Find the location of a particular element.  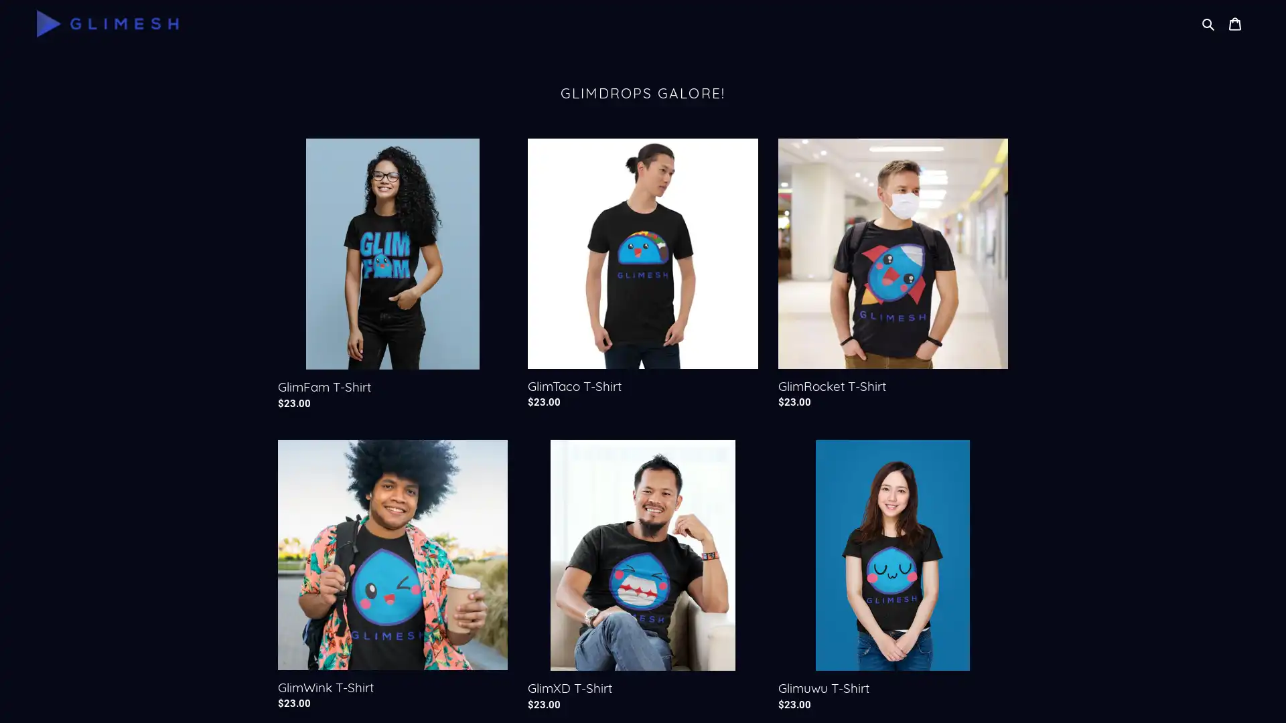

Search is located at coordinates (1209, 23).